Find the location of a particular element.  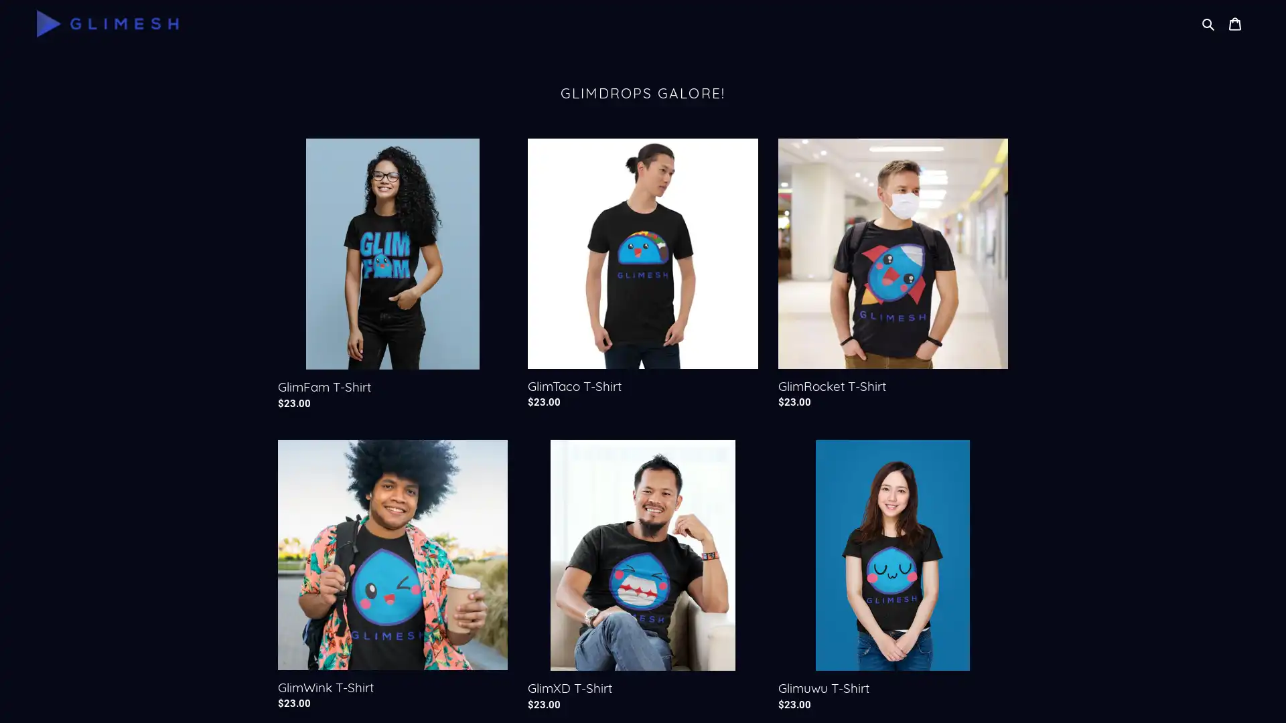

Search is located at coordinates (1209, 23).